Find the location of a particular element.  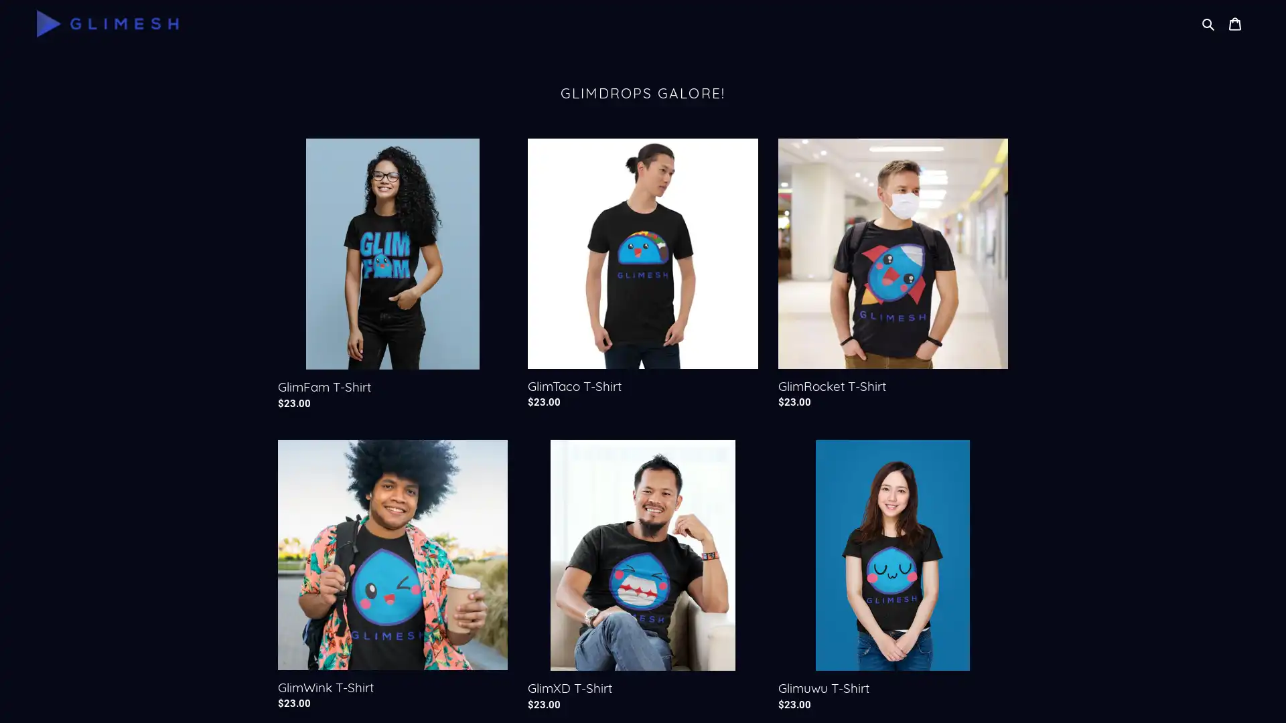

Search is located at coordinates (1209, 23).